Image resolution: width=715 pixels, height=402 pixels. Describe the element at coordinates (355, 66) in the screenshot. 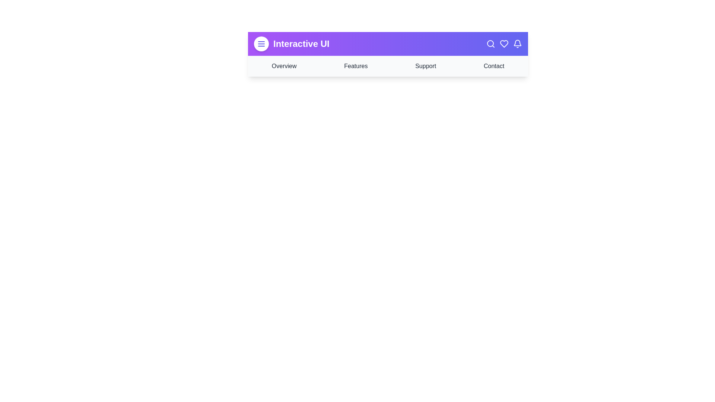

I see `the navigation bar item labeled 'Features'` at that location.